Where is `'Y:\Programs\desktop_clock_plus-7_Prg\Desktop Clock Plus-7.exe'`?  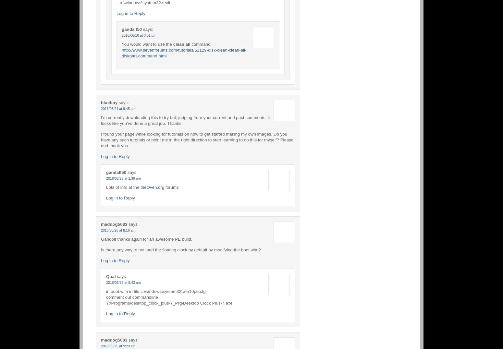 'Y:\Programs\desktop_clock_plus-7_Prg\Desktop Clock Plus-7.exe' is located at coordinates (169, 302).